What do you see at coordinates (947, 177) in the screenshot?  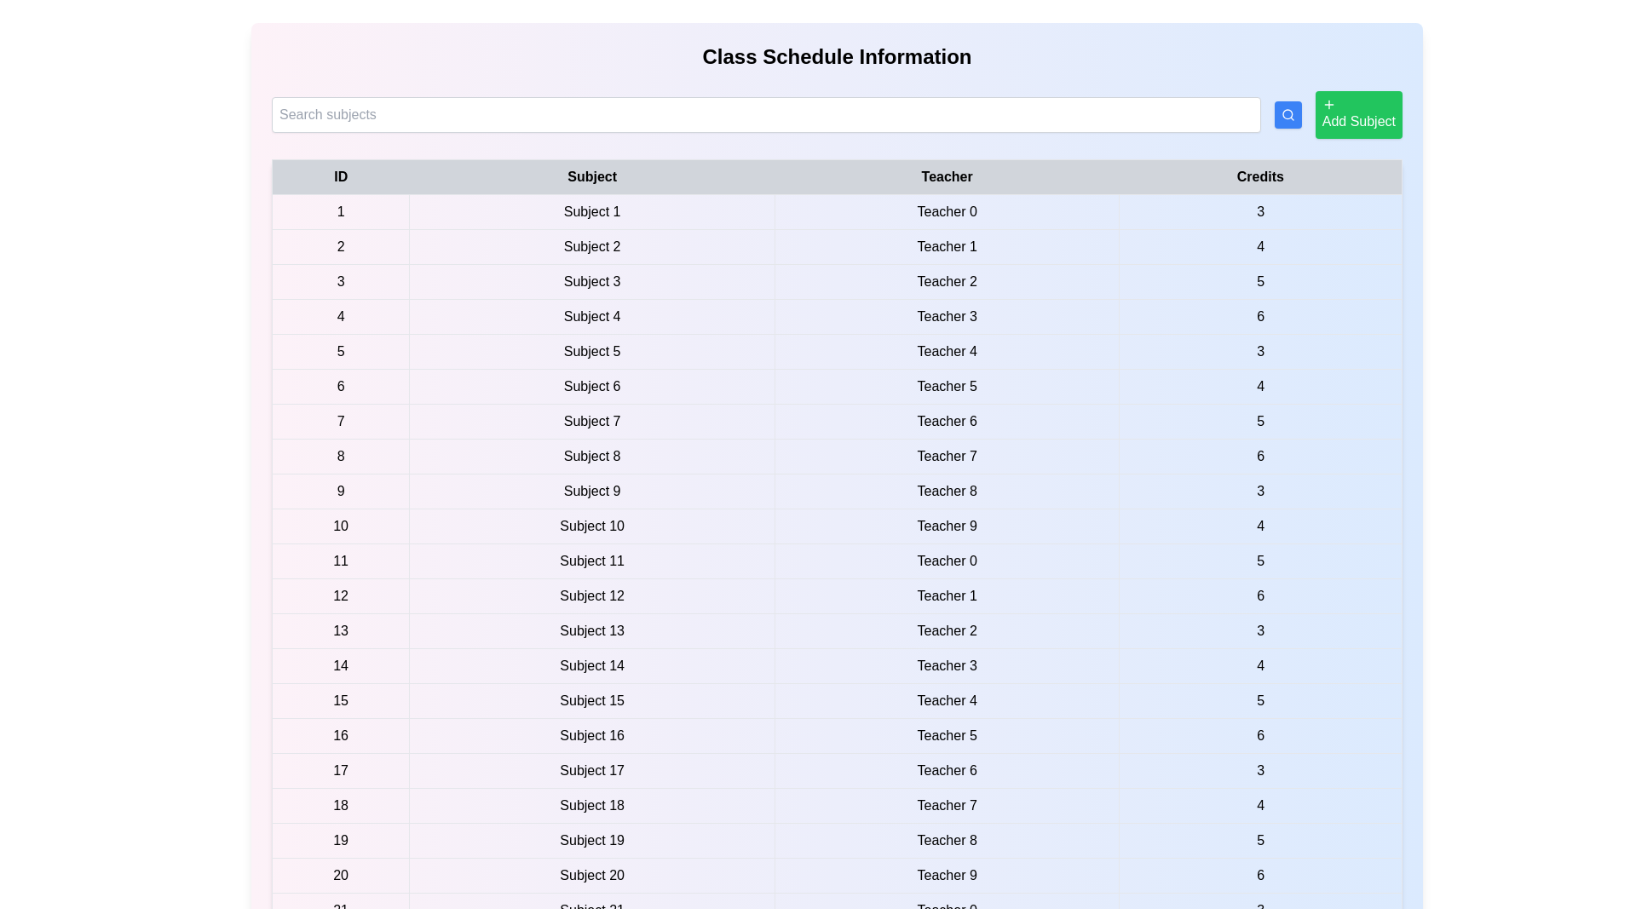 I see `the table header Teacher to sort by that column` at bounding box center [947, 177].